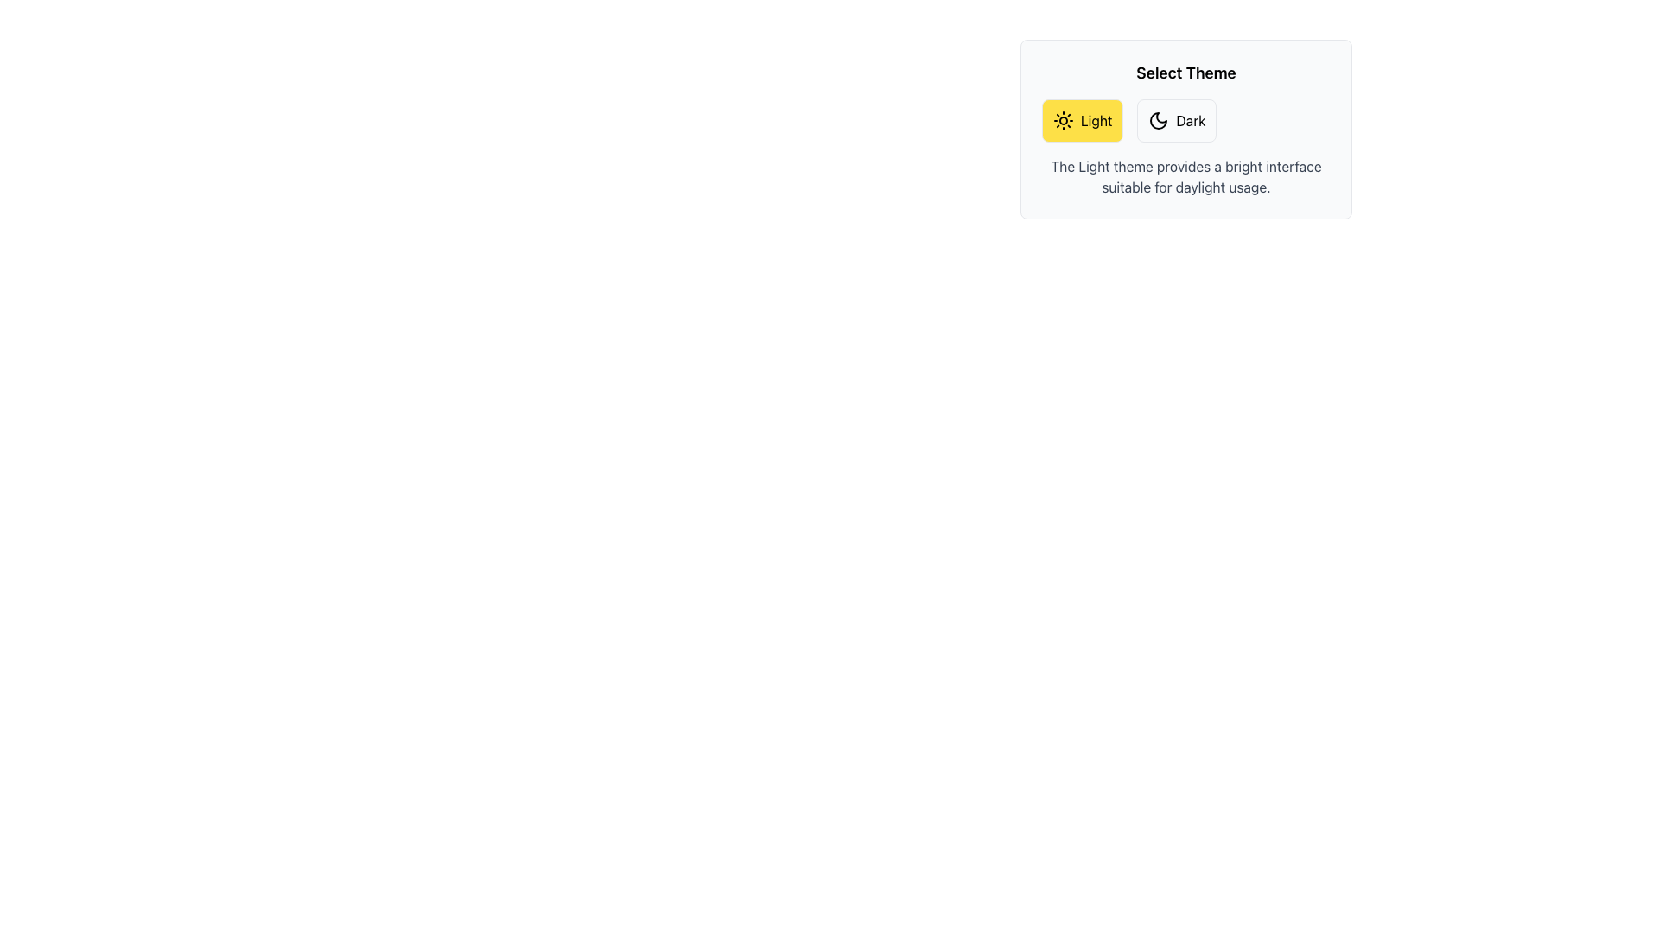 The height and width of the screenshot is (933, 1659). What do you see at coordinates (1176, 119) in the screenshot?
I see `the 'Dark' button, which is a rectangular button with a moon icon and text, located in the top-right section of the interface beneath the 'Select Theme' text` at bounding box center [1176, 119].